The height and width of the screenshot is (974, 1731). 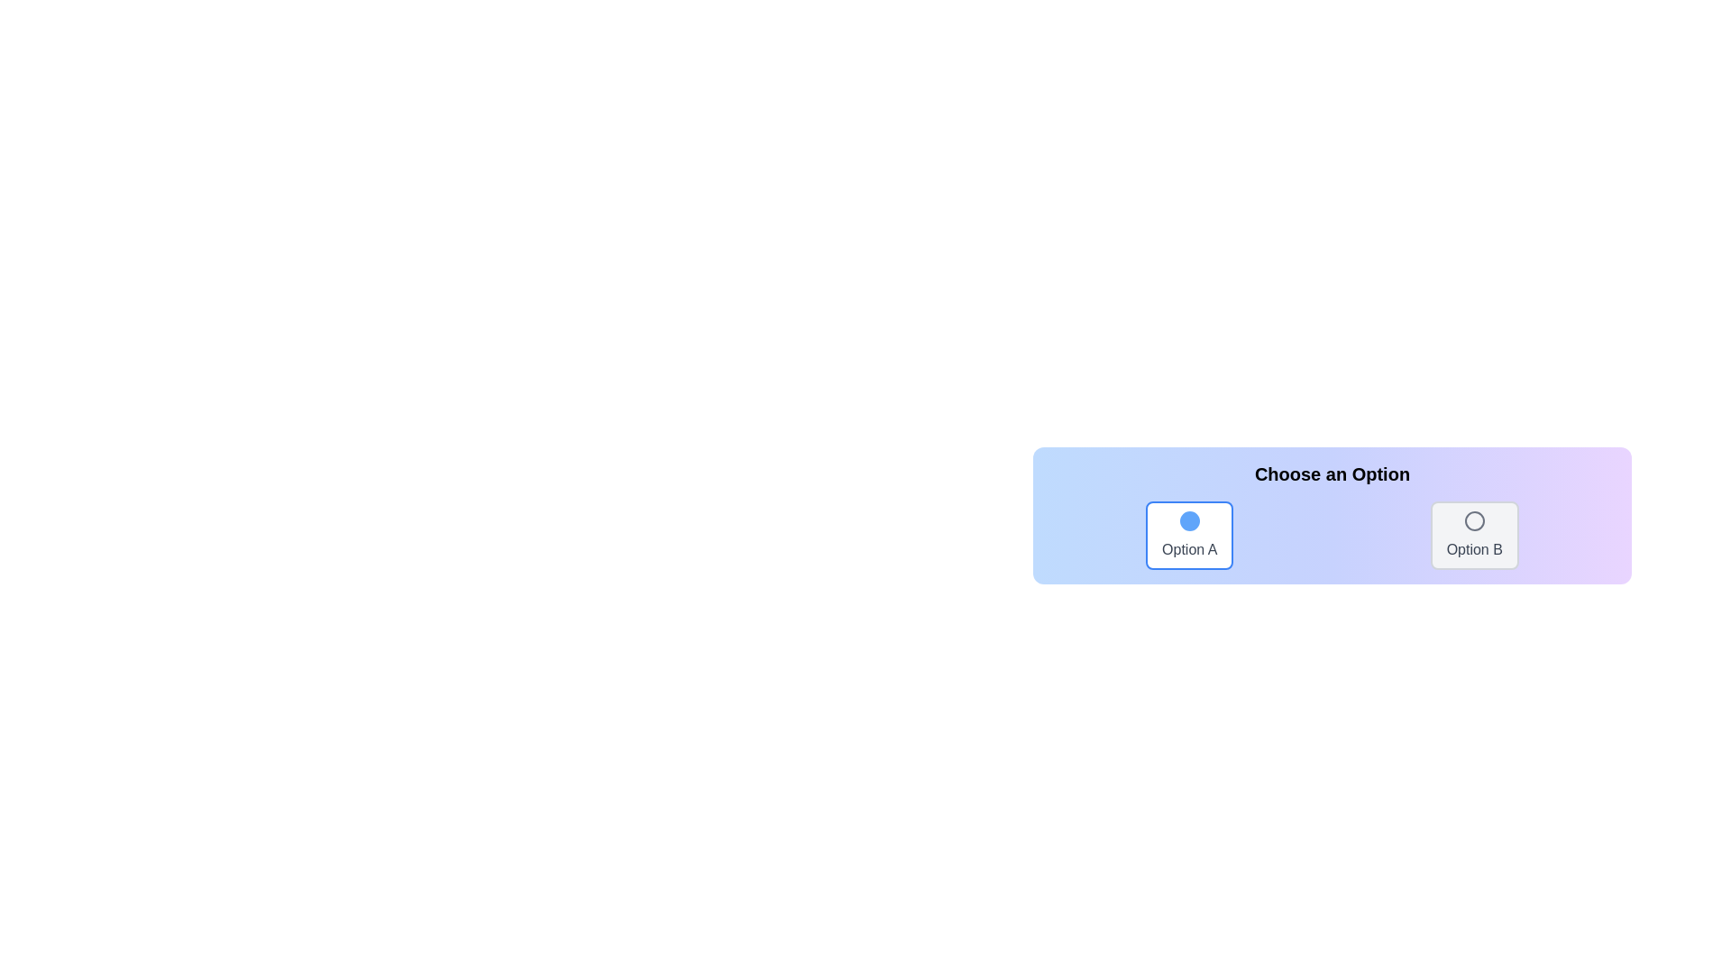 What do you see at coordinates (1474, 521) in the screenshot?
I see `the Radio Button Indicator for Option B, which signifies the selection state for user interaction` at bounding box center [1474, 521].